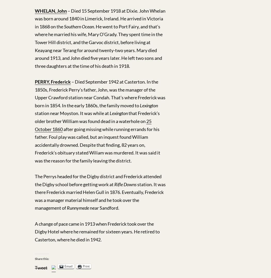  What do you see at coordinates (100, 18) in the screenshot?
I see `'– Died 15 September 1918 at Dixie. John Whelan was born around 1840 in Limerick, Ireland. He arrived in Victoria in 1868 on the'` at bounding box center [100, 18].